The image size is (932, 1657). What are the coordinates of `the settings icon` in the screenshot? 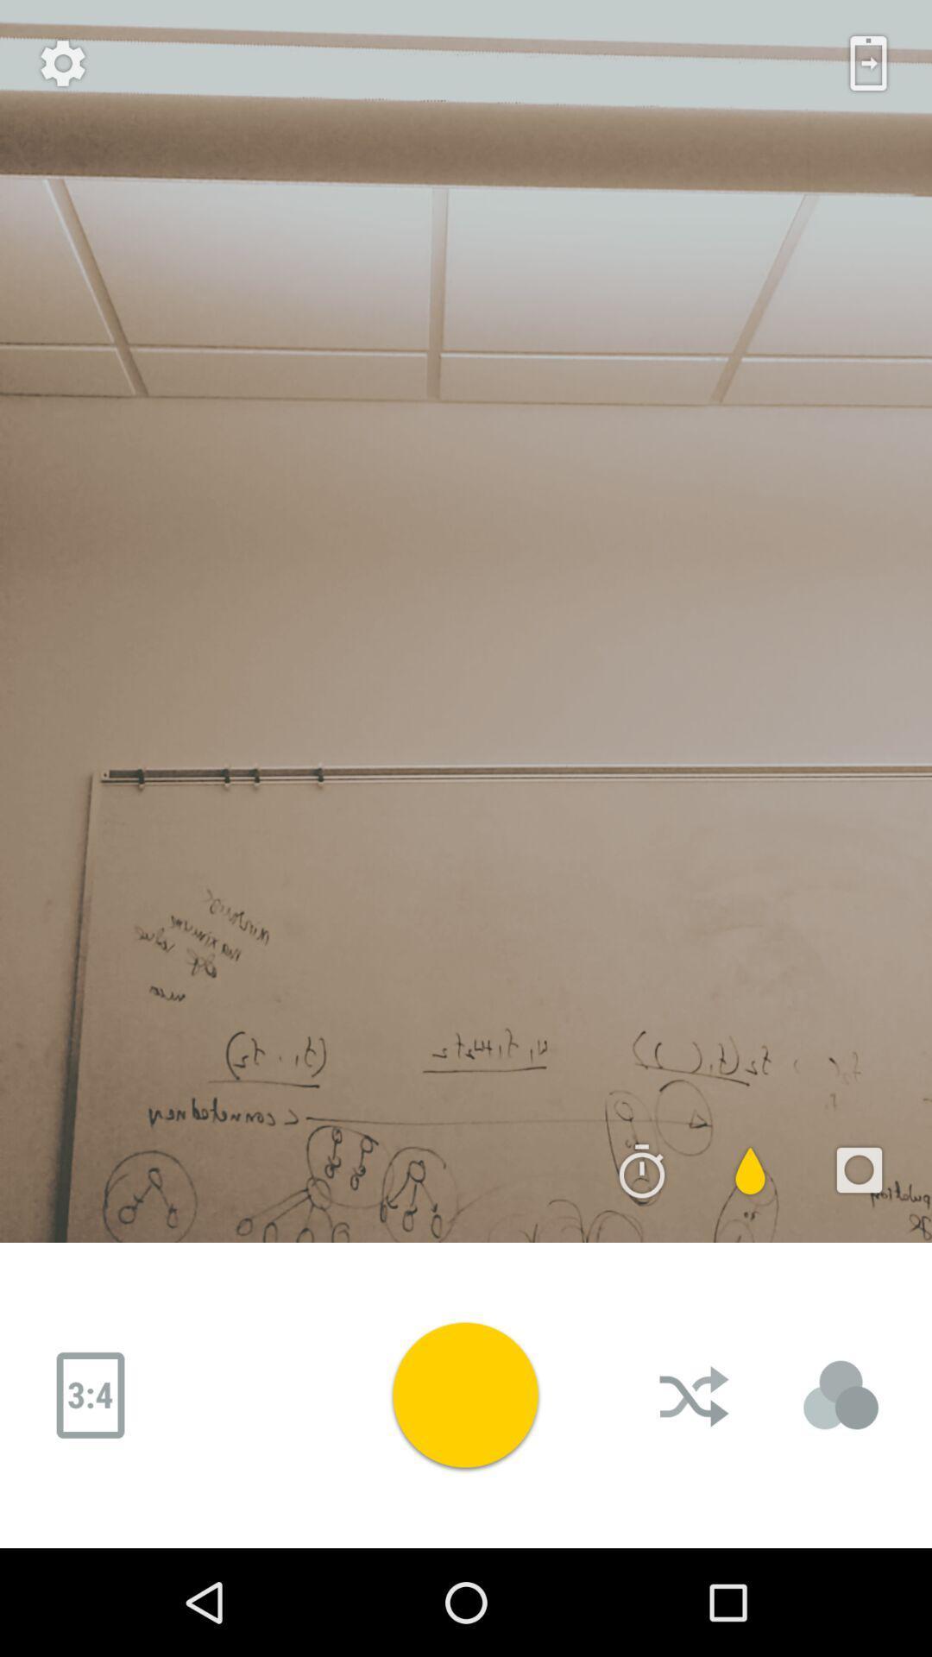 It's located at (62, 63).